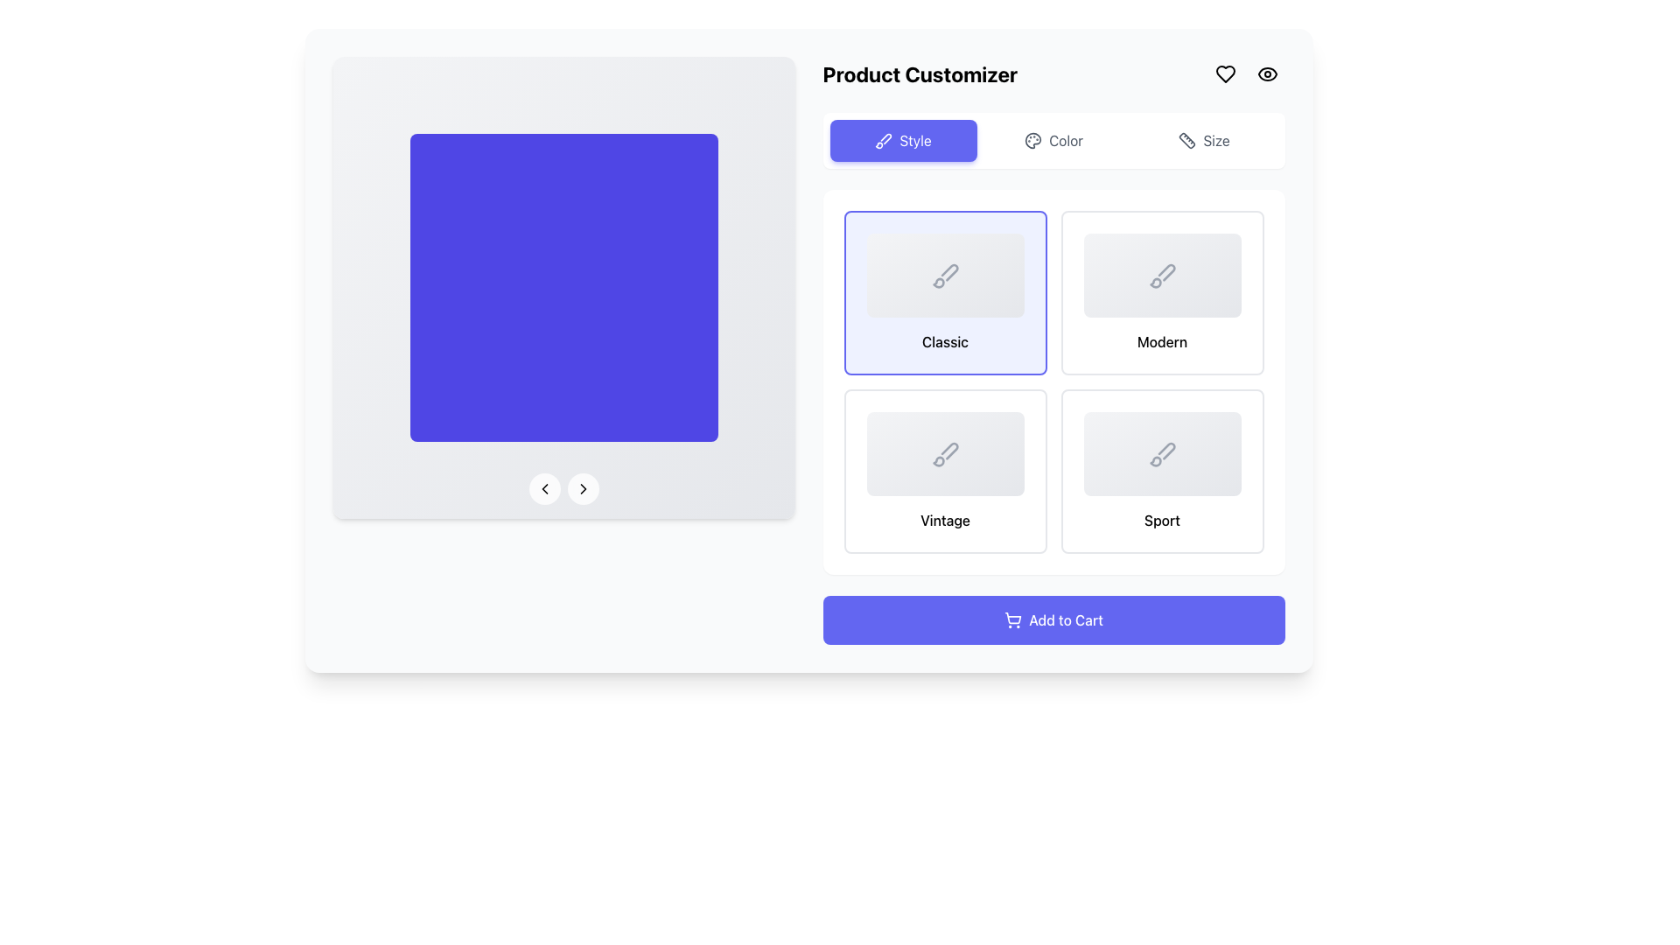 The height and width of the screenshot is (945, 1680). I want to click on the brush icon located in the fourth card of the 2x2 grid in the 'Style' section of the product customizer interface, so click(1162, 453).